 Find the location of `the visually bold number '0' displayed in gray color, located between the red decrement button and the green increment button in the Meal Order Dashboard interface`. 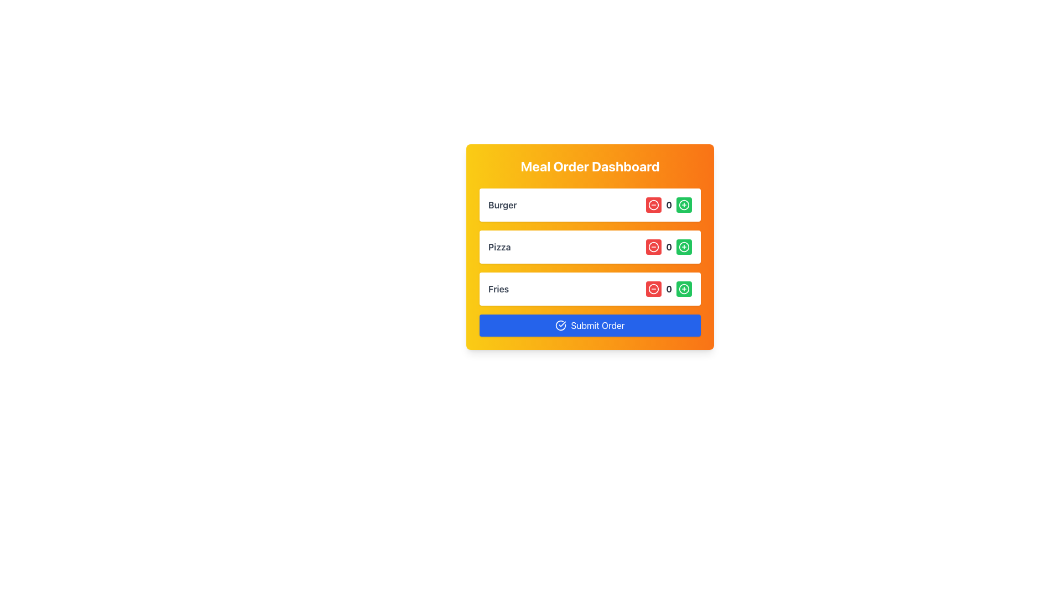

the visually bold number '0' displayed in gray color, located between the red decrement button and the green increment button in the Meal Order Dashboard interface is located at coordinates (668, 289).